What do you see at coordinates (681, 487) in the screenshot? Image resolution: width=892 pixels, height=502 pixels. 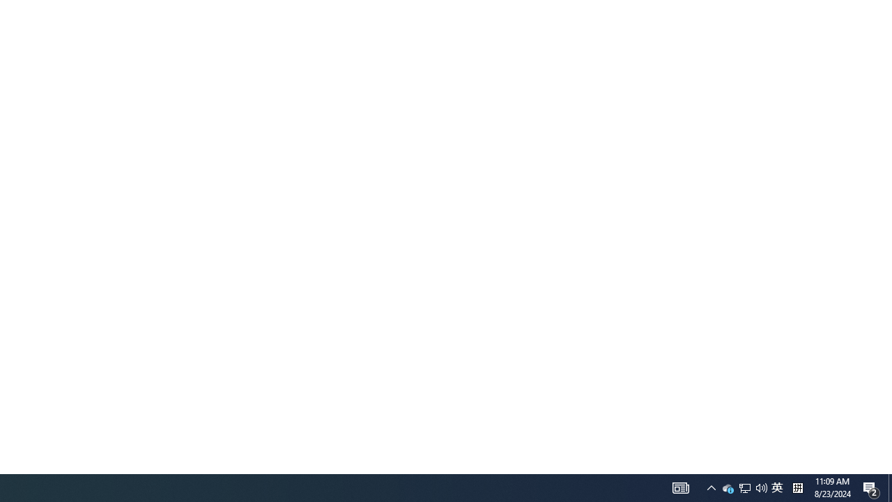 I see `'AutomationID: 4105'` at bounding box center [681, 487].